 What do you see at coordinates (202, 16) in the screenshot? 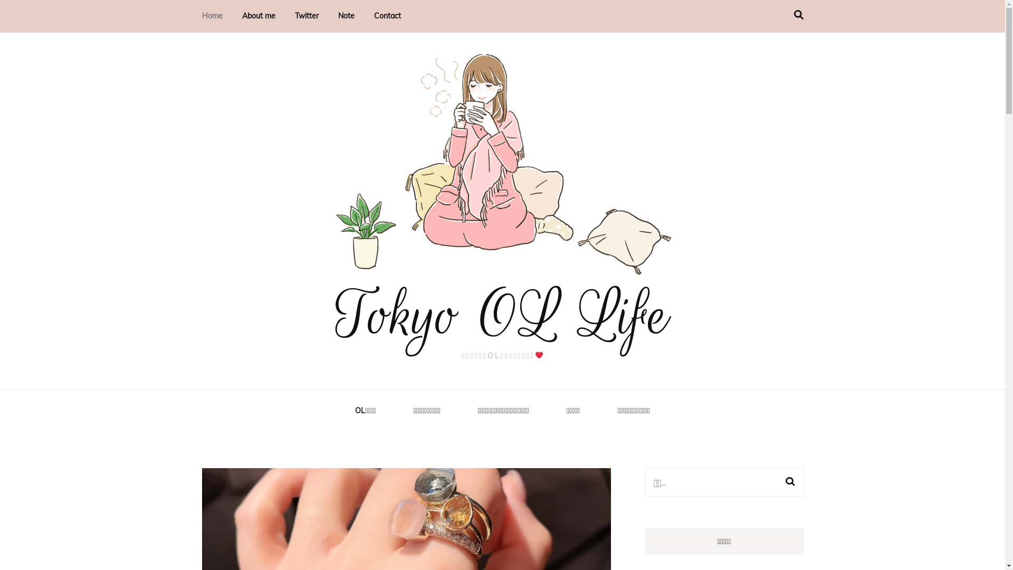
I see `'Home'` at bounding box center [202, 16].